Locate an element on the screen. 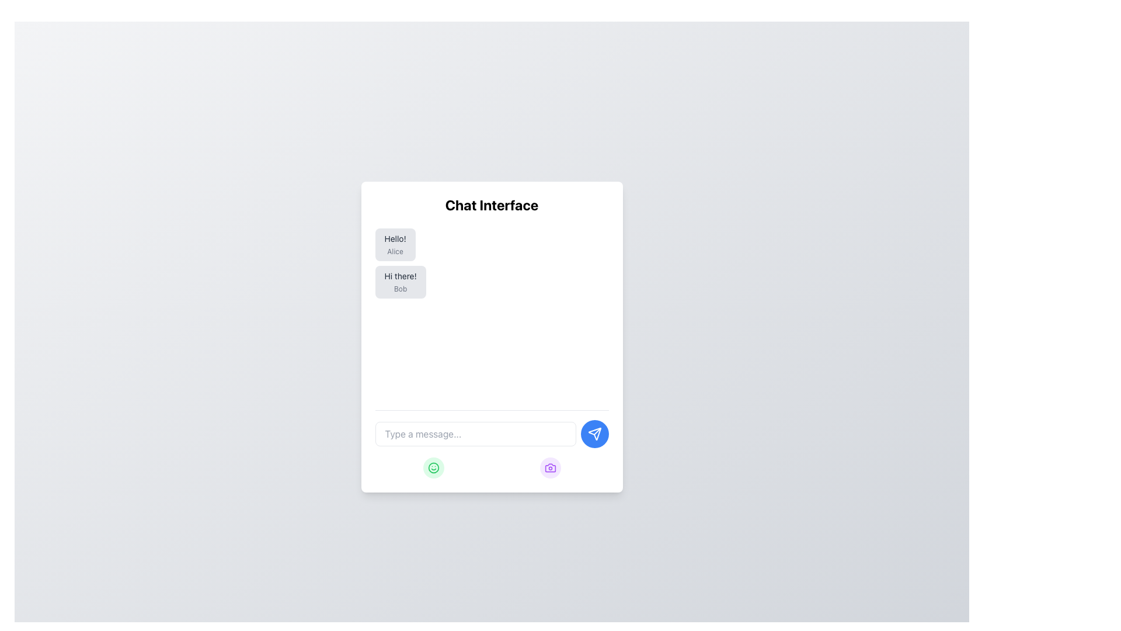 The height and width of the screenshot is (631, 1121). the 'Chat Interface' text label, which is displayed in bold black font at the top center of its dialog box is located at coordinates (492, 204).